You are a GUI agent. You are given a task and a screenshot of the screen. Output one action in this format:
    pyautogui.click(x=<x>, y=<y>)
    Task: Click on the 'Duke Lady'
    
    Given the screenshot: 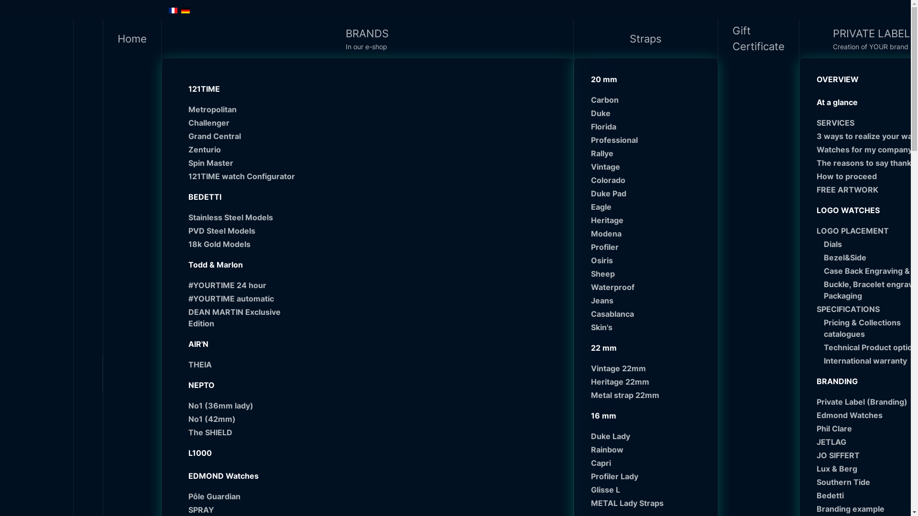 What is the action you would take?
    pyautogui.click(x=649, y=436)
    